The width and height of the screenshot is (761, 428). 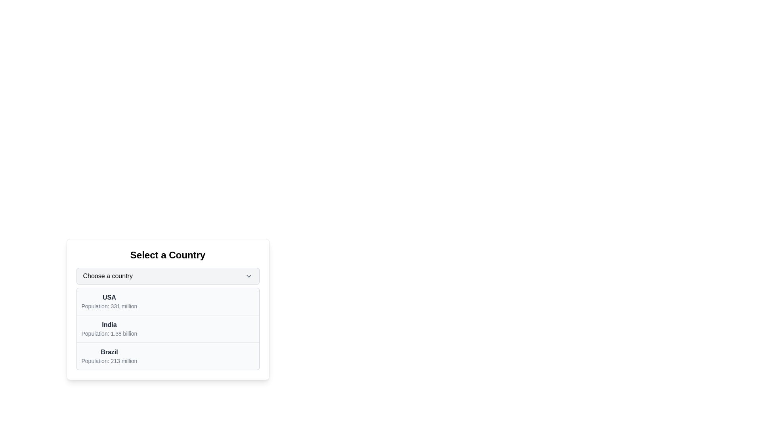 What do you see at coordinates (109, 361) in the screenshot?
I see `the label displaying population data for Brazil, which is located below the text 'Brazil' in the list` at bounding box center [109, 361].